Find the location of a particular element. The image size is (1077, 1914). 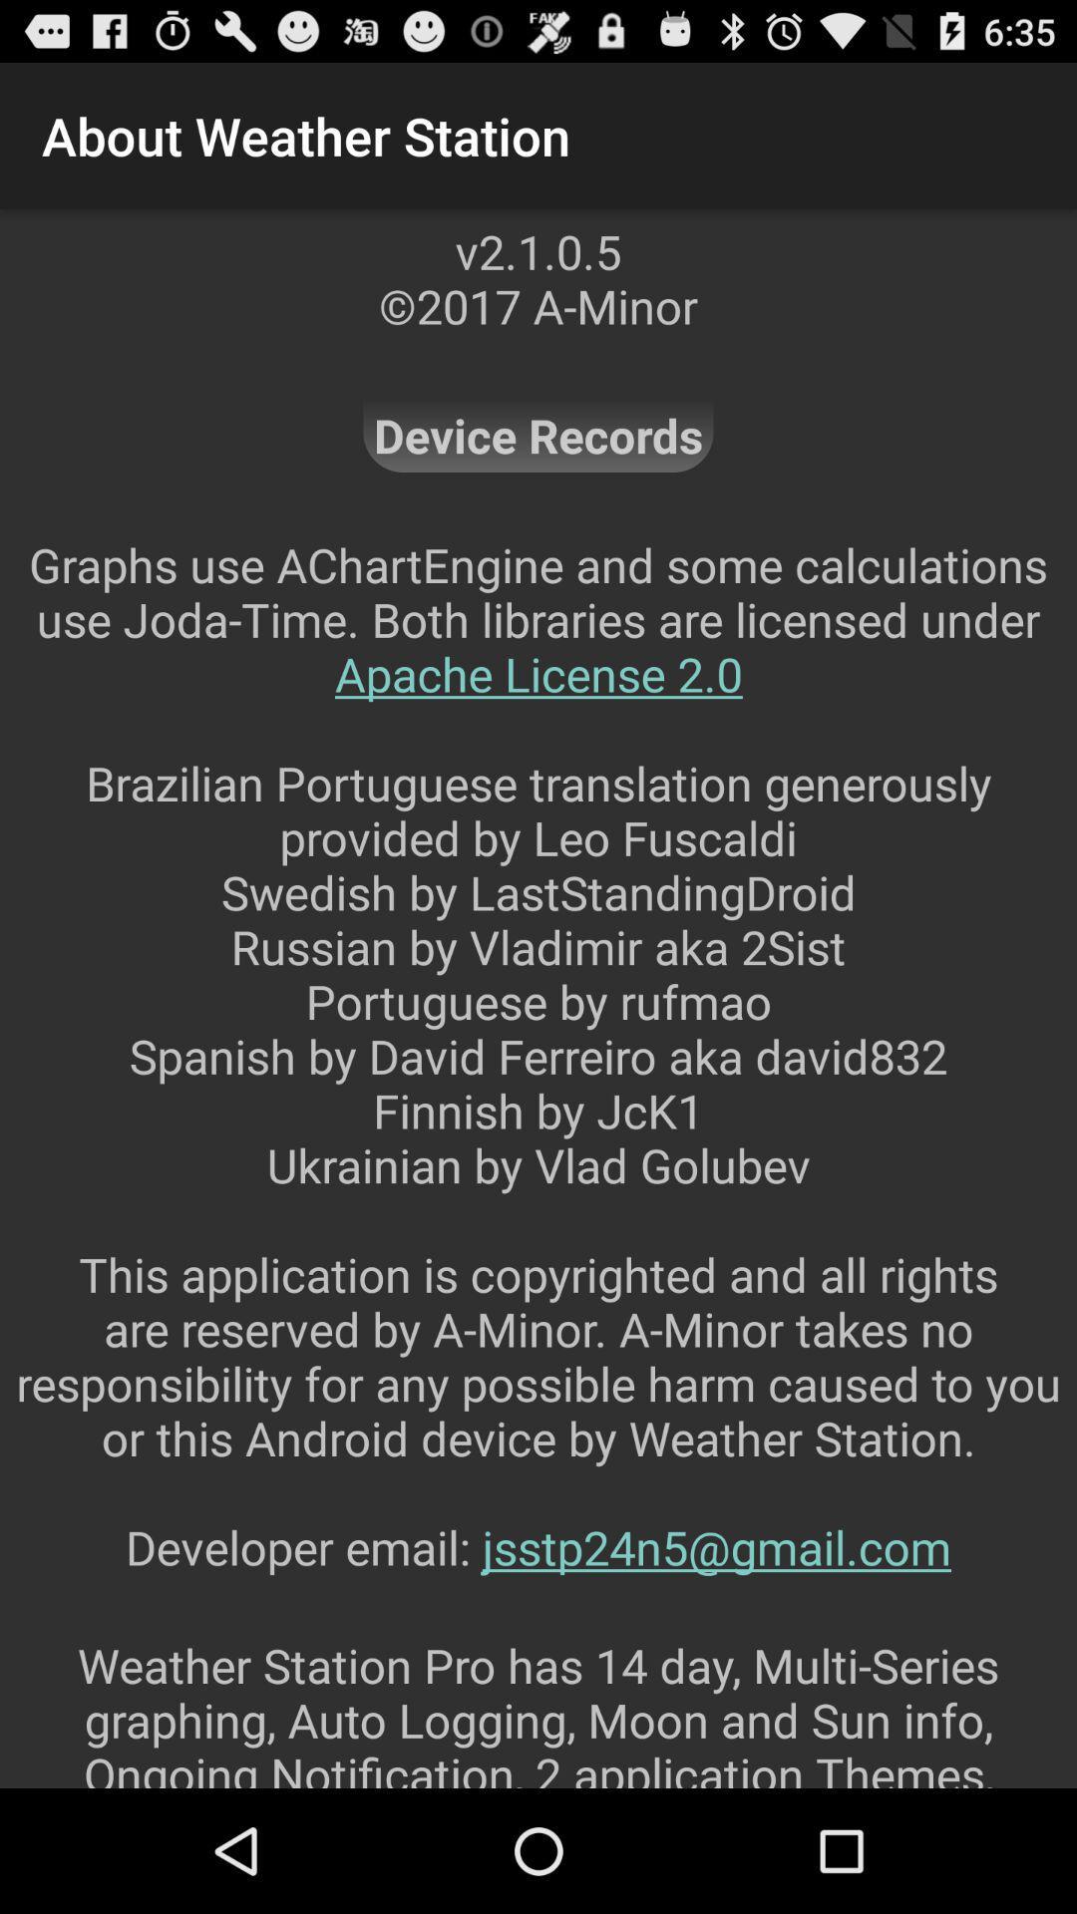

the device records item is located at coordinates (538, 434).